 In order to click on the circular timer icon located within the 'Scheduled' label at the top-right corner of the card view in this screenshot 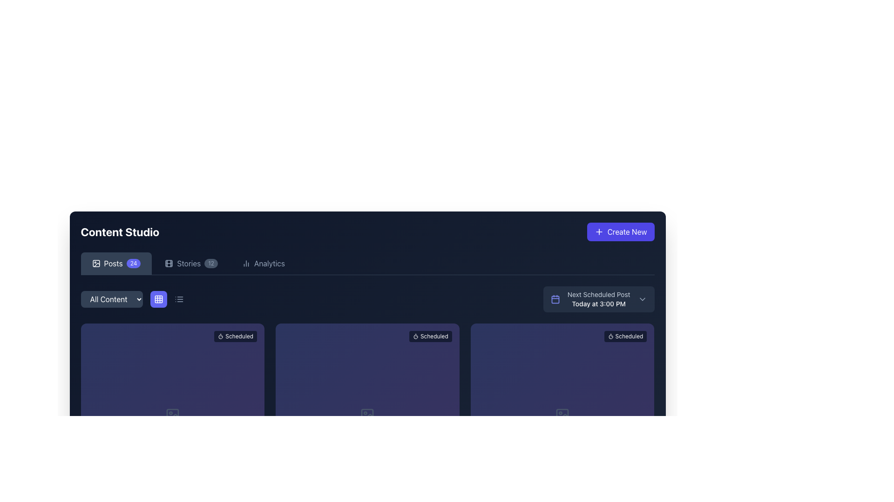, I will do `click(415, 337)`.